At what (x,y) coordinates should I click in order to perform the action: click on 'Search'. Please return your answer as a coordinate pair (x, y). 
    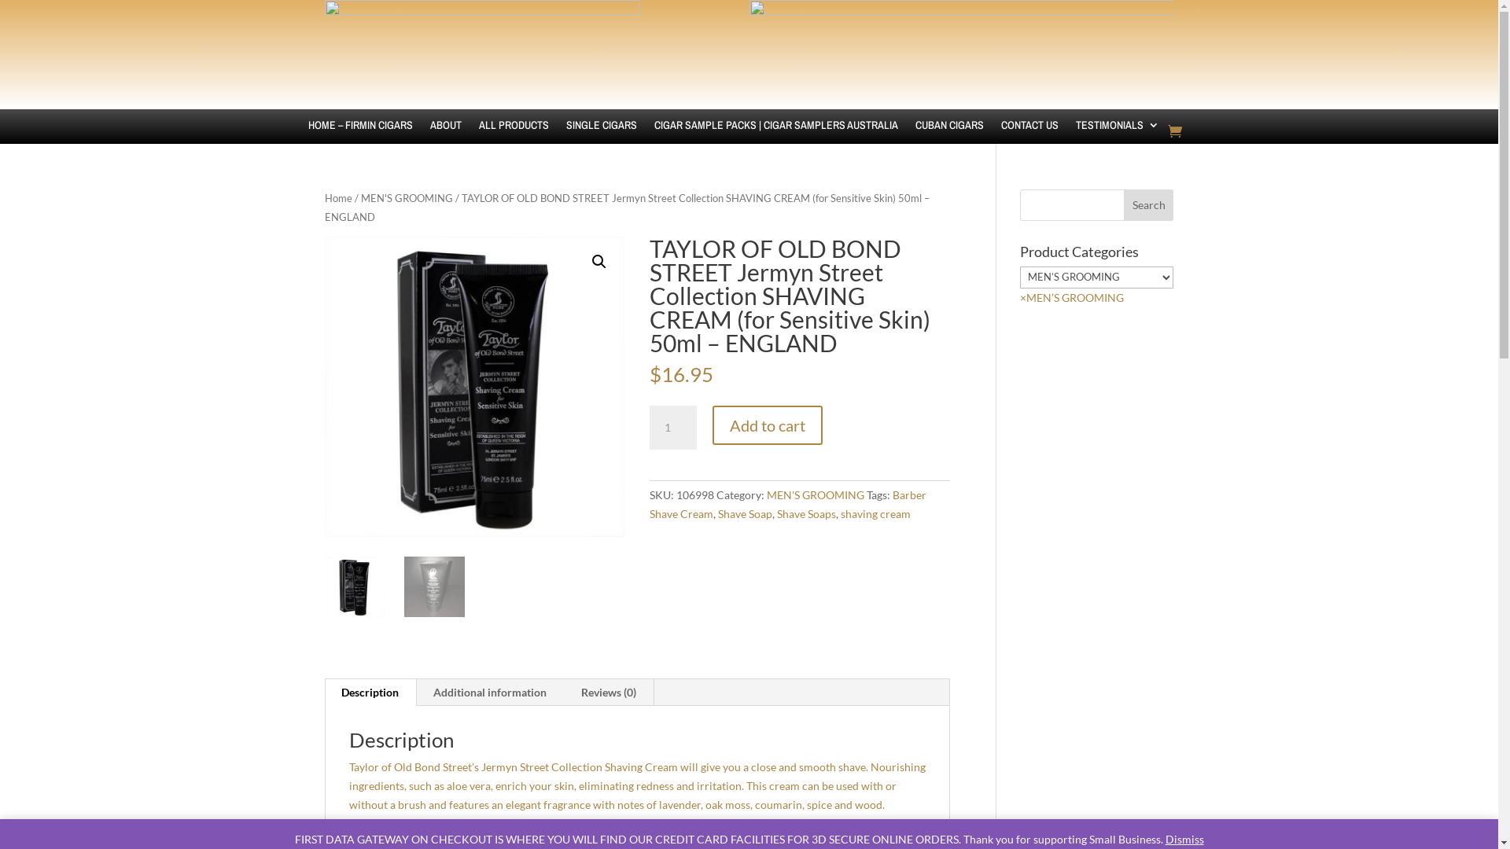
    Looking at the image, I should click on (1123, 204).